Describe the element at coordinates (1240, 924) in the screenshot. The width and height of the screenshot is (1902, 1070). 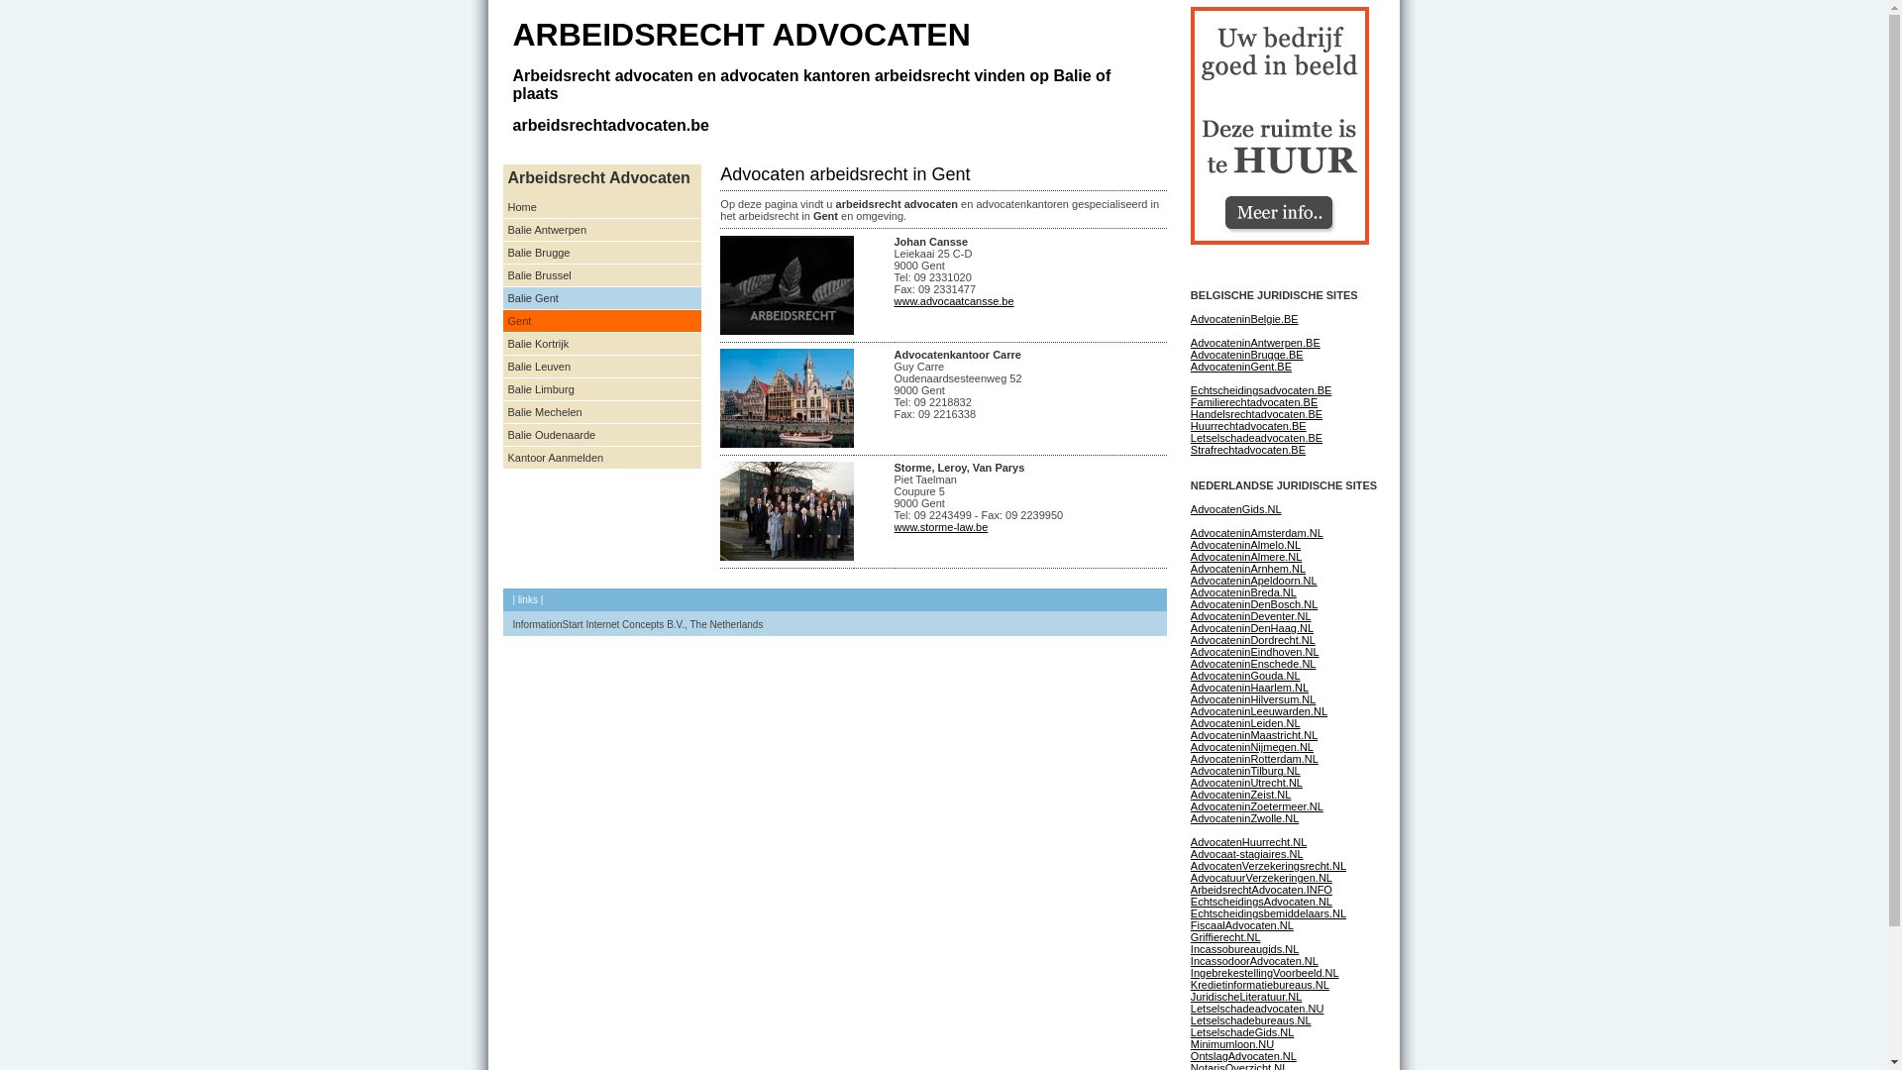
I see `'FiscaalAdvocaten.NL'` at that location.